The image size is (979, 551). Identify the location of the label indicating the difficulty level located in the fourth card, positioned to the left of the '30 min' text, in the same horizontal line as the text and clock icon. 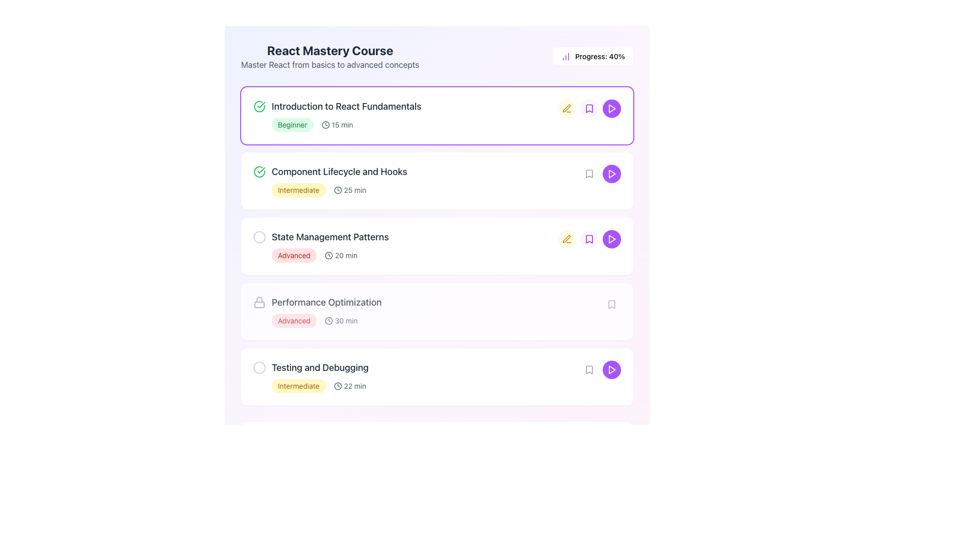
(293, 320).